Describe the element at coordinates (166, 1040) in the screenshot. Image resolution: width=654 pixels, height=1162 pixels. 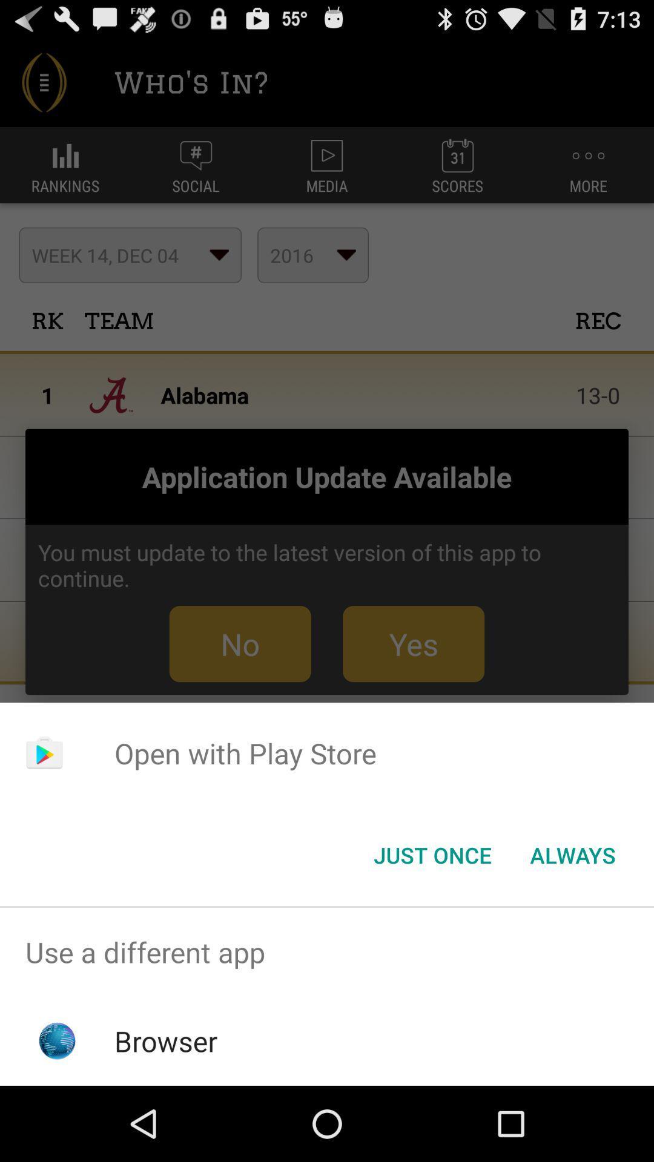
I see `the app below the use a different icon` at that location.